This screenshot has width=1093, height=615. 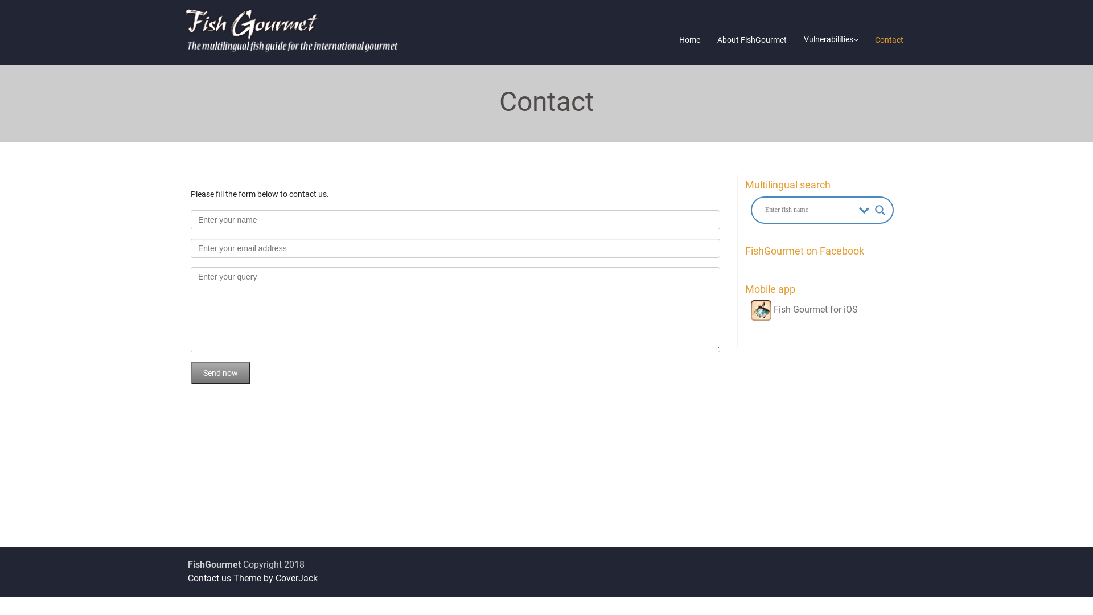 What do you see at coordinates (803, 309) in the screenshot?
I see `'Fish Gourmet for iOS'` at bounding box center [803, 309].